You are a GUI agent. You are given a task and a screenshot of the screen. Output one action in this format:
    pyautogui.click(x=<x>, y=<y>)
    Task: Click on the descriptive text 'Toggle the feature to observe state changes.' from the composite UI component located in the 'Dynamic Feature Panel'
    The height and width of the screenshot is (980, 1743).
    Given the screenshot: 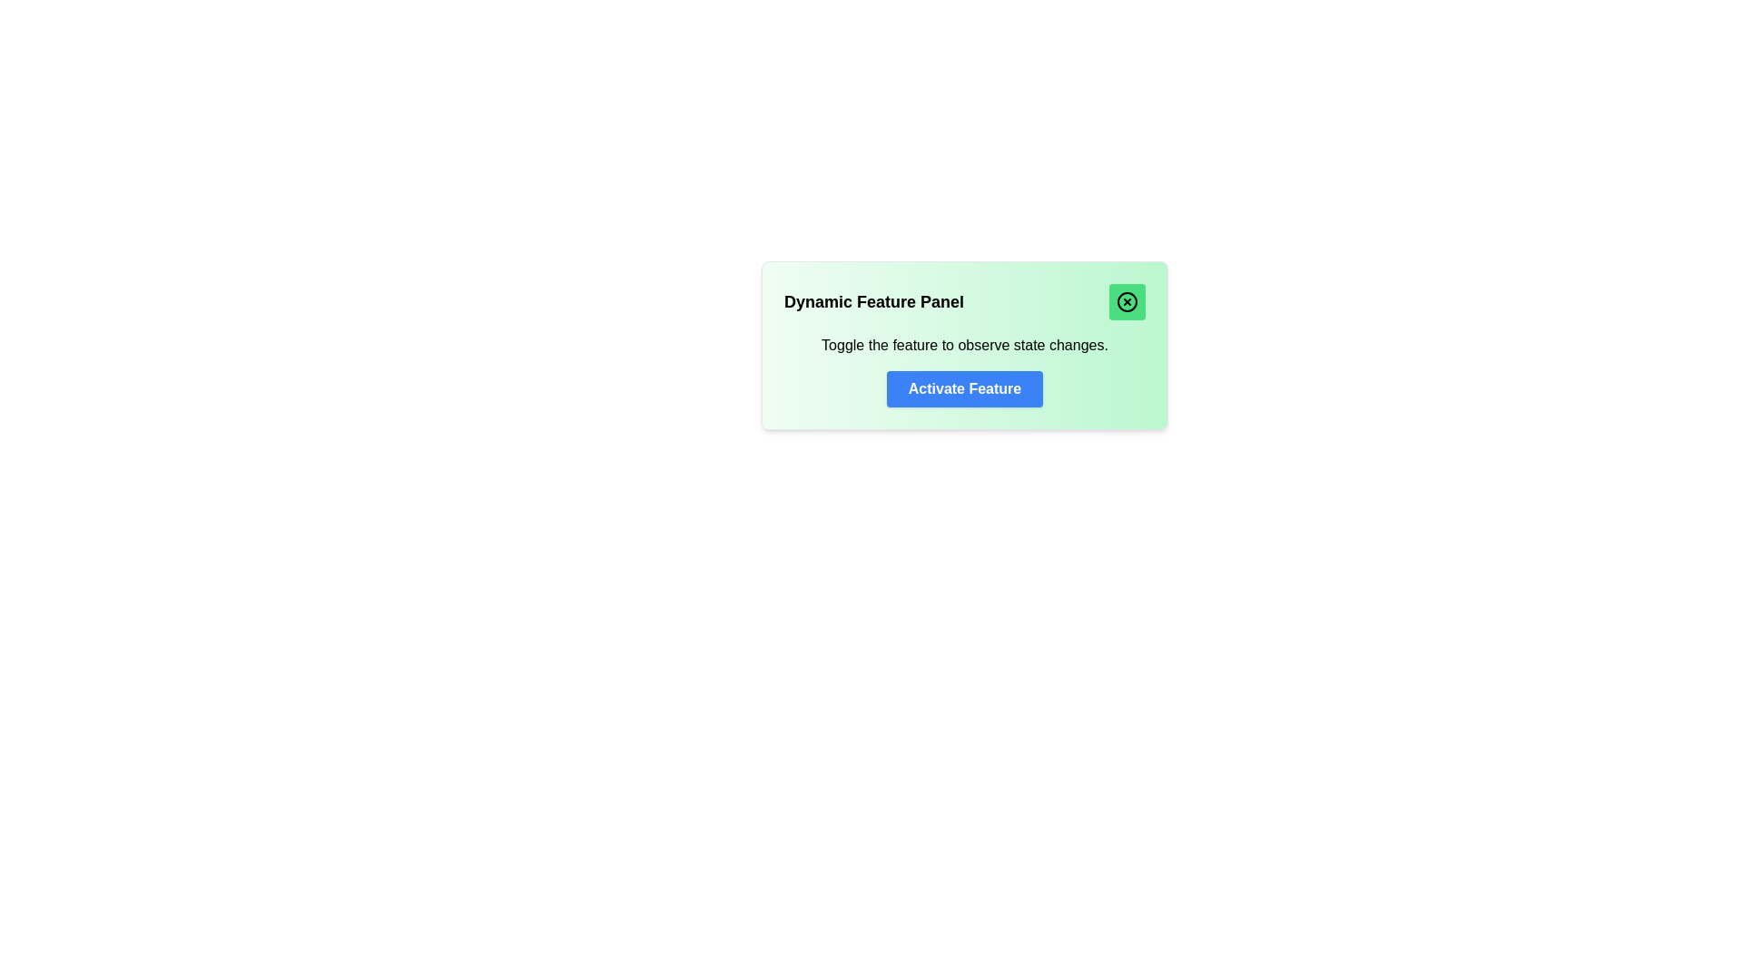 What is the action you would take?
    pyautogui.click(x=963, y=369)
    